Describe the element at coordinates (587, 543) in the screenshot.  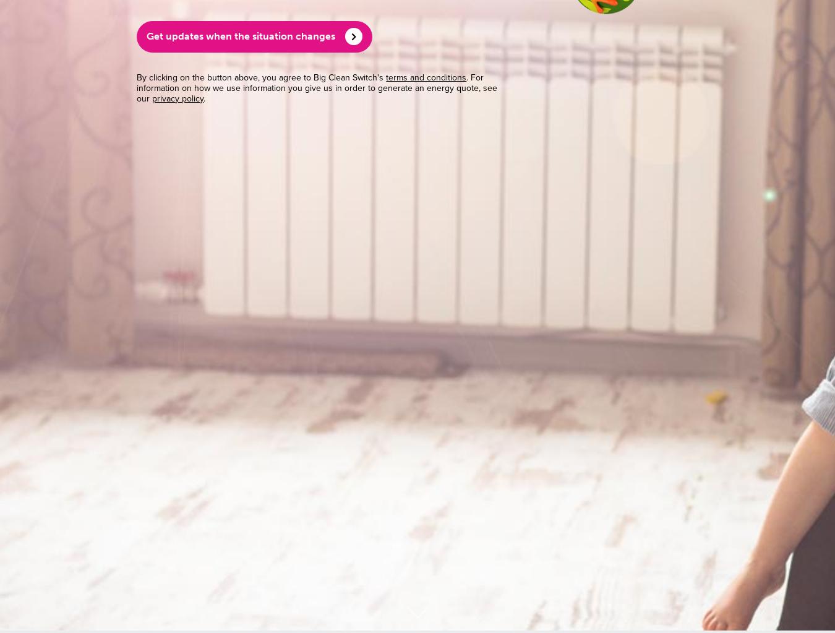
I see `'Design'` at that location.